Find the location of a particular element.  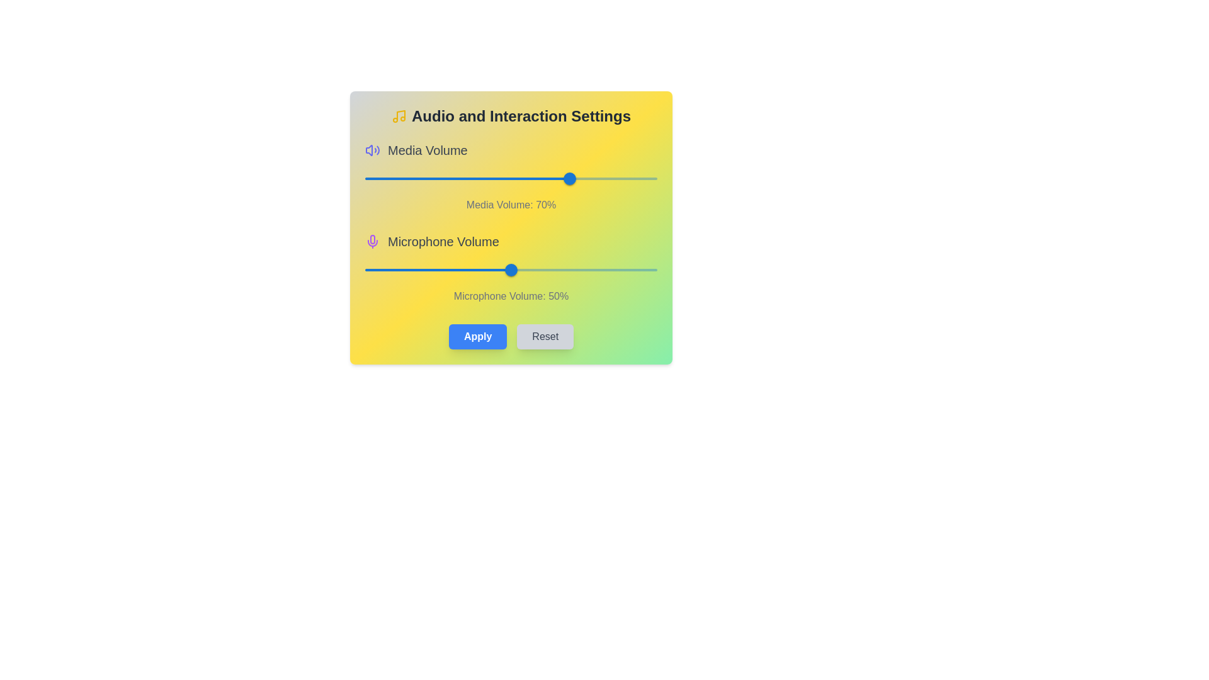

the slider value is located at coordinates (554, 179).